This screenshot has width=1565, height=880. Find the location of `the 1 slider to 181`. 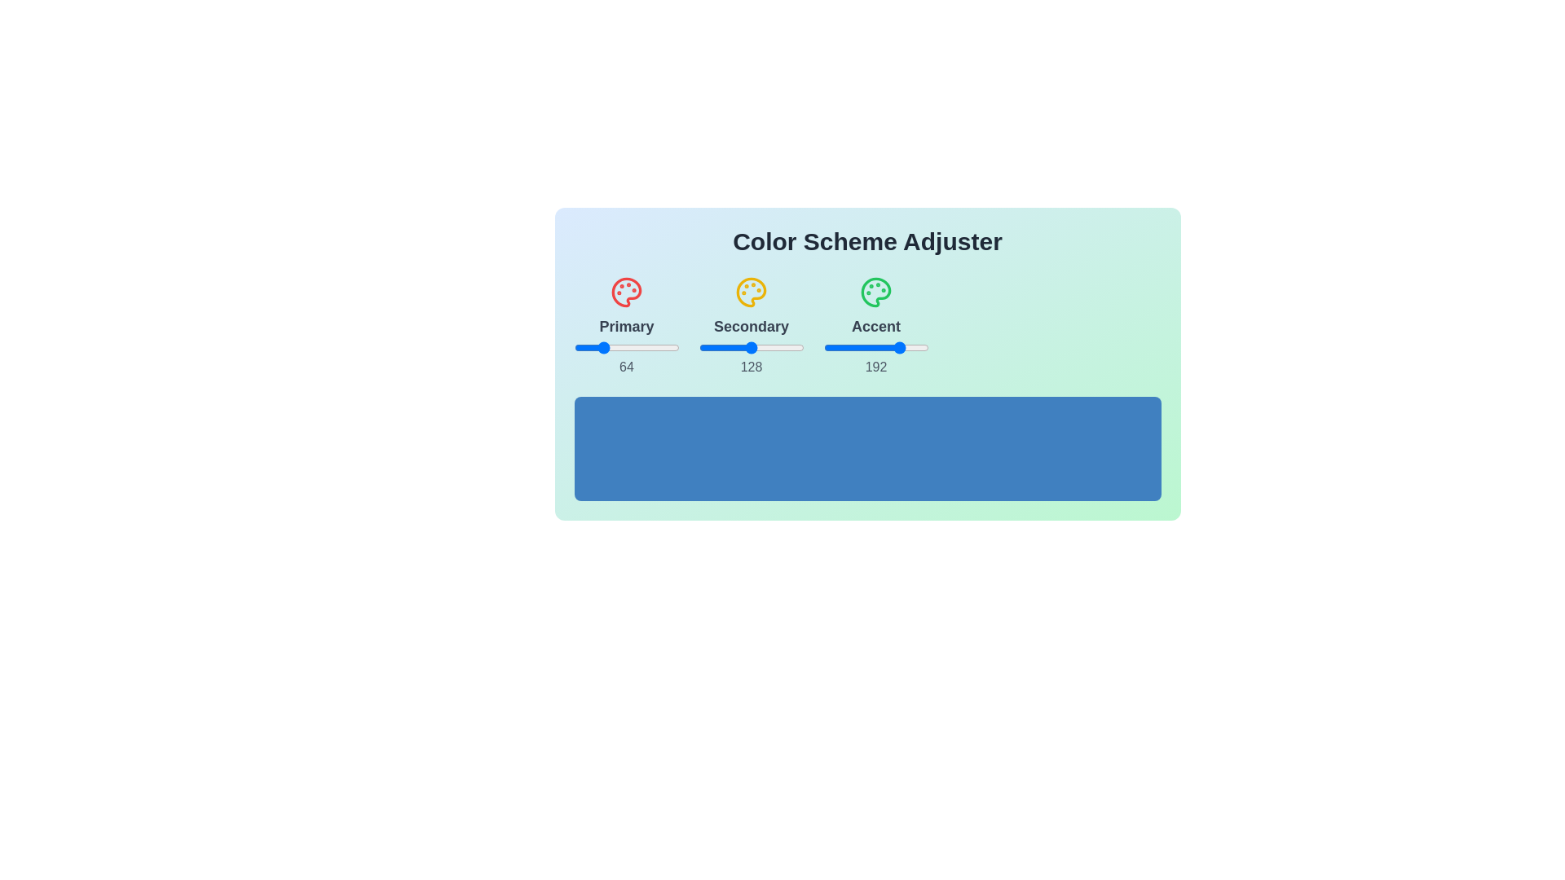

the 1 slider to 181 is located at coordinates (648, 347).